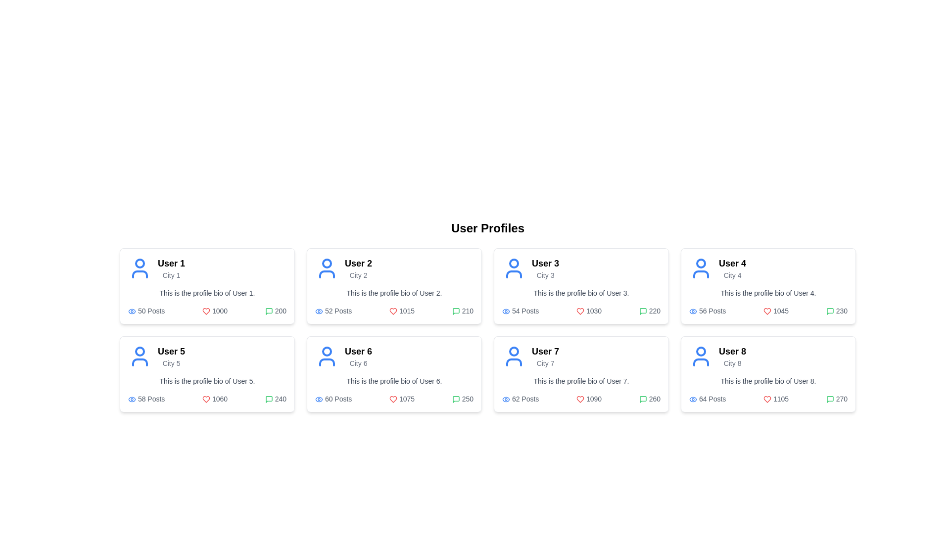 The width and height of the screenshot is (950, 534). I want to click on the small heart icon symbolizing a 'like' action, which is outlined in red and located next to the number '1030' in the user profile card for 'User 3', so click(580, 311).